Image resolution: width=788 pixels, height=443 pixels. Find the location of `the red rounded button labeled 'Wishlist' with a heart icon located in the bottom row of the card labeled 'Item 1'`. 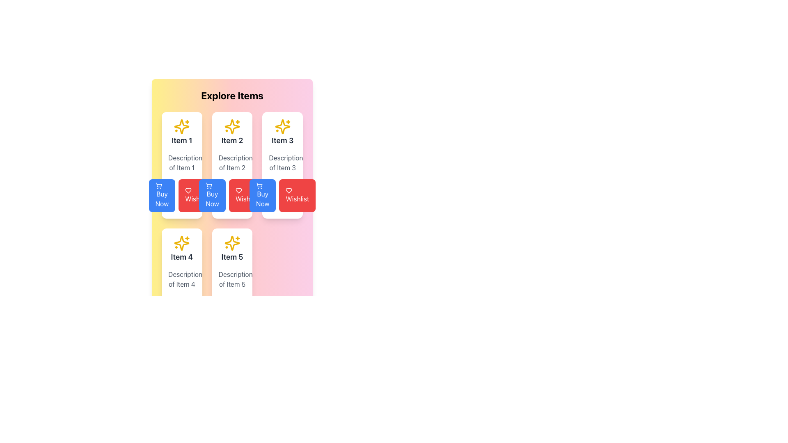

the red rounded button labeled 'Wishlist' with a heart icon located in the bottom row of the card labeled 'Item 1' is located at coordinates (181, 196).